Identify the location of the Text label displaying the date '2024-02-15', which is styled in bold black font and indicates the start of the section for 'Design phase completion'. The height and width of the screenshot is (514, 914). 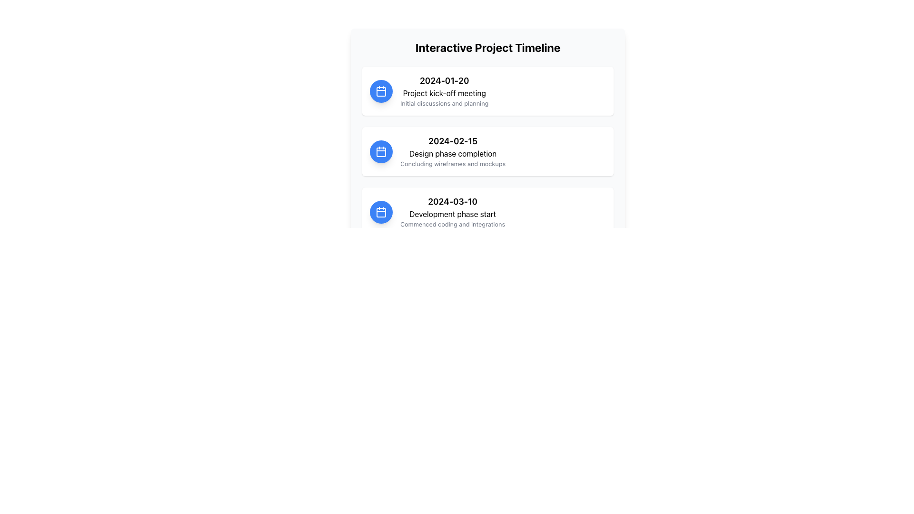
(452, 141).